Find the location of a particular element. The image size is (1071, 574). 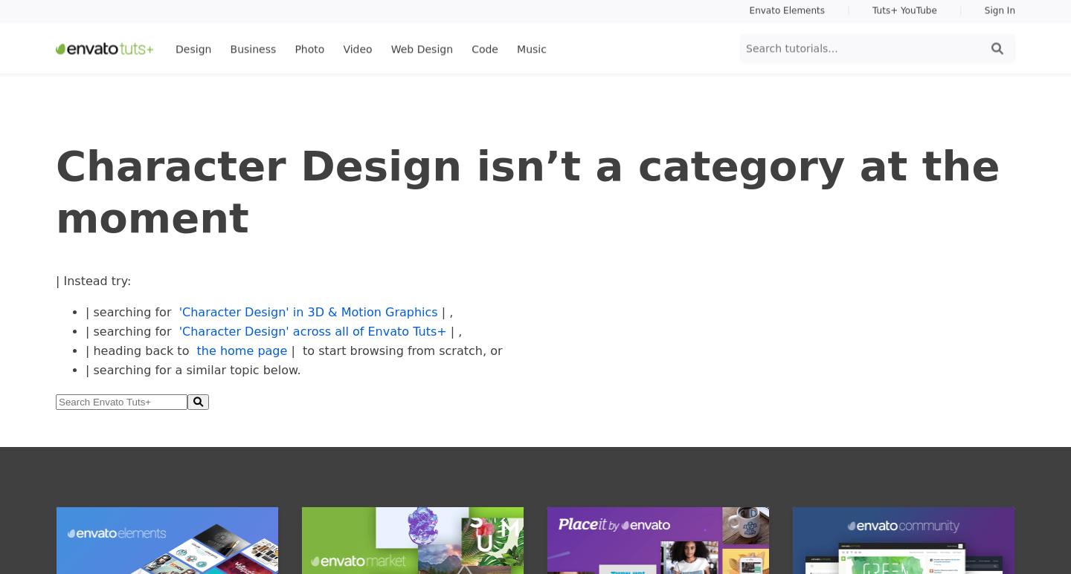

'Character Design isn’t a category at the moment' is located at coordinates (527, 190).